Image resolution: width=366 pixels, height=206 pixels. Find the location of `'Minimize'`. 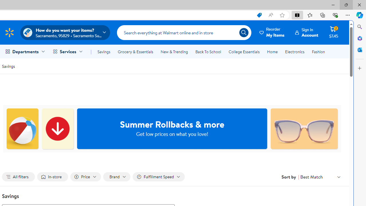

'Minimize' is located at coordinates (333, 5).